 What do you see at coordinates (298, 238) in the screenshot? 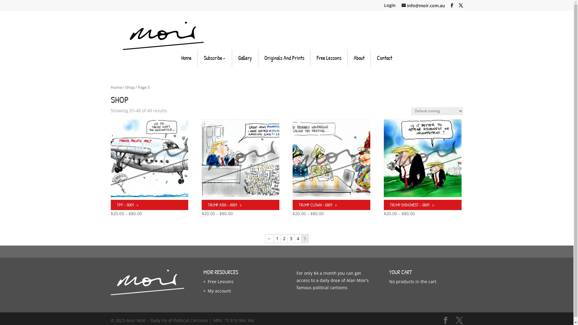
I see `'4'` at bounding box center [298, 238].